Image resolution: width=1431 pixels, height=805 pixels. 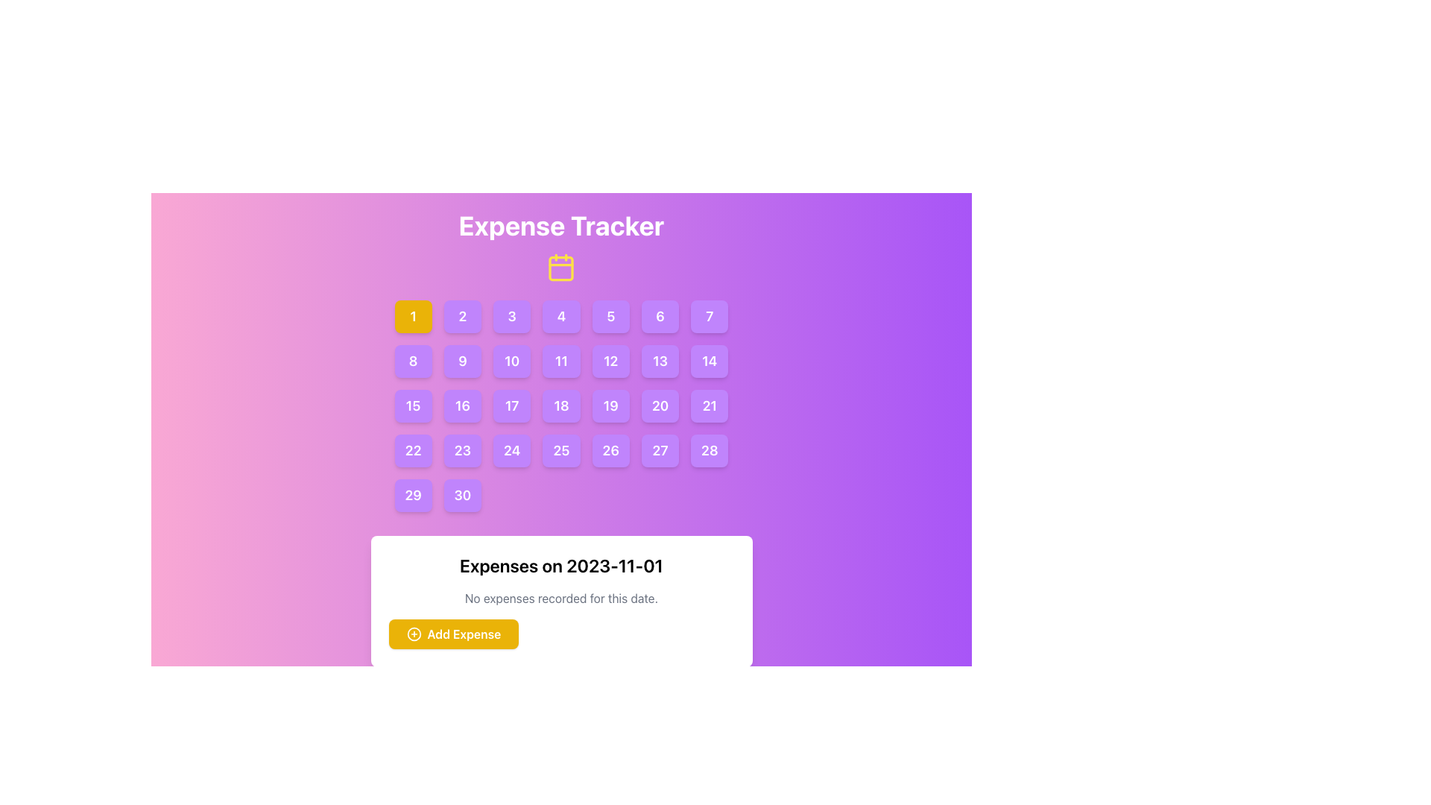 I want to click on the calendar date button representing the 20th day to trigger visual feedback, so click(x=660, y=405).